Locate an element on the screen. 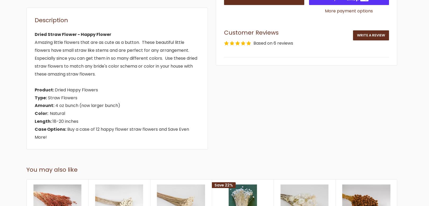  'Write a review' is located at coordinates (371, 35).